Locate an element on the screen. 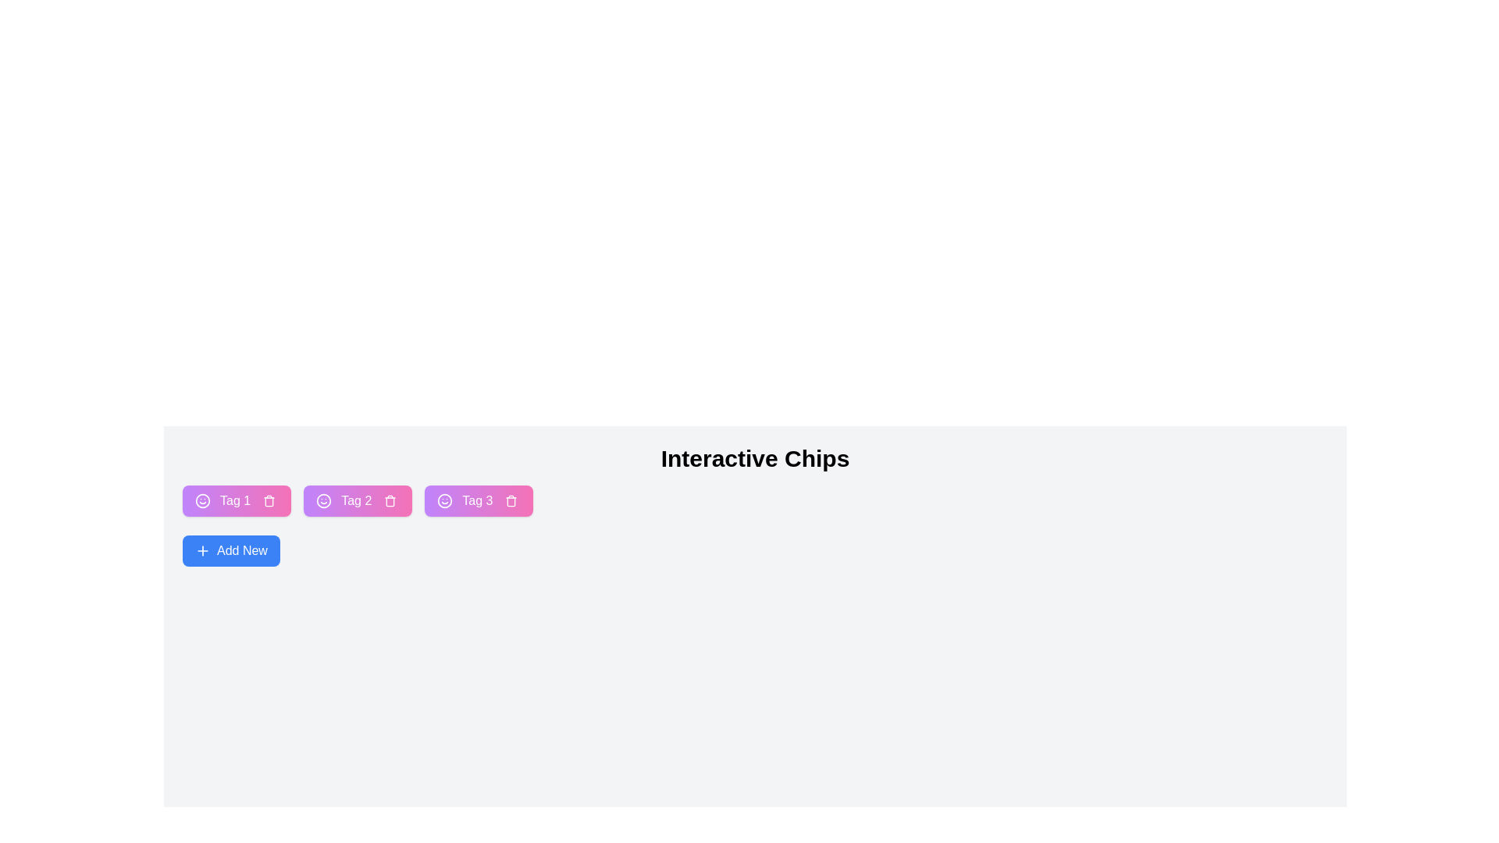 This screenshot has width=1499, height=843. the smile icon of the chip labeled Tag 2 is located at coordinates (322, 500).